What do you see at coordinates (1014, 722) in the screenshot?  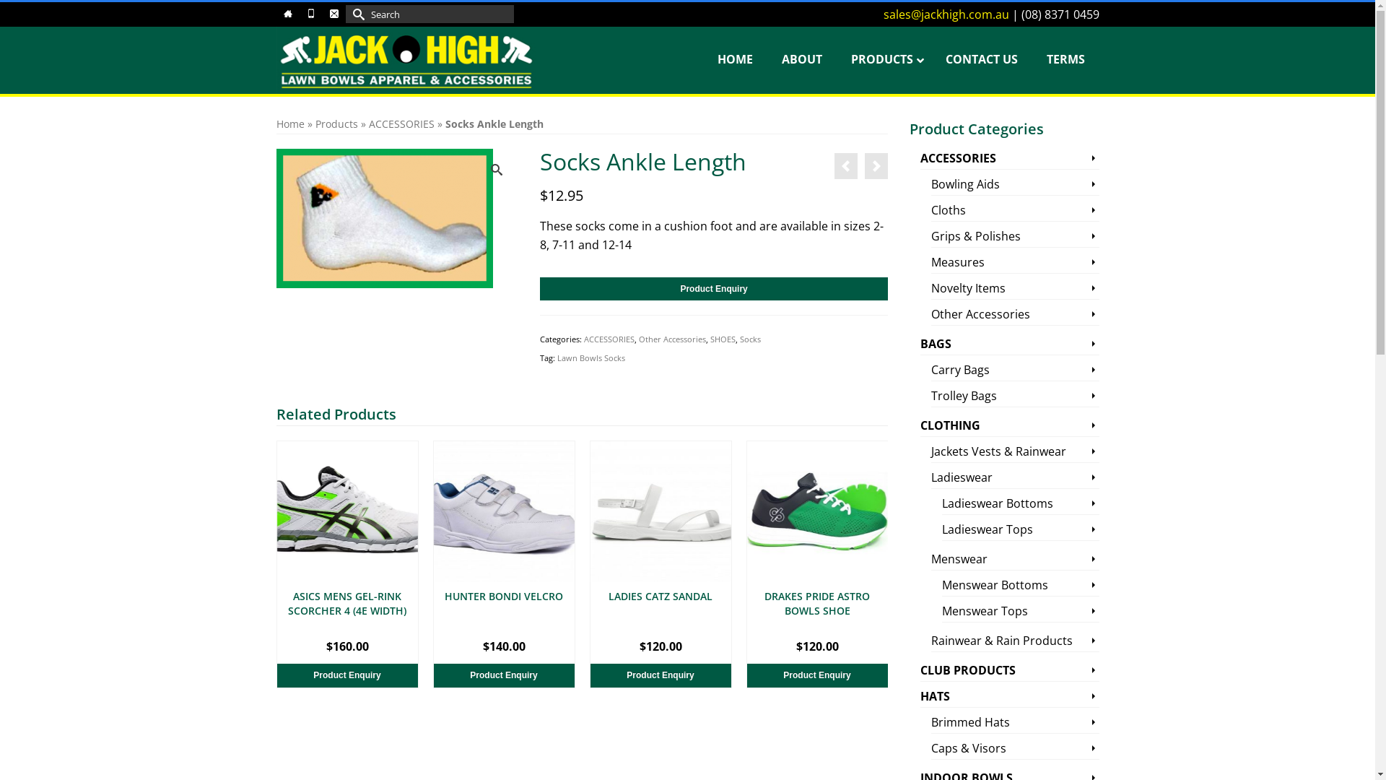 I see `'Brimmed Hats'` at bounding box center [1014, 722].